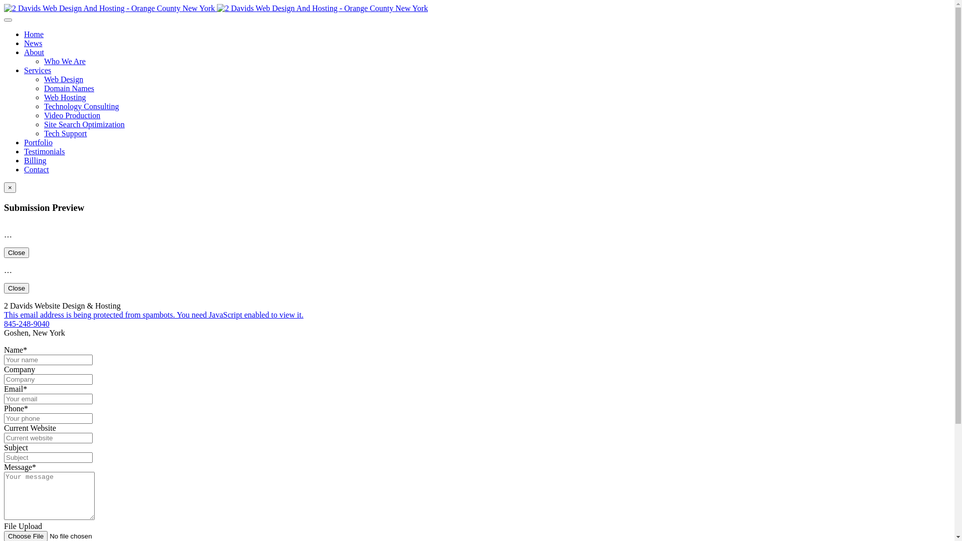  I want to click on 'Home', so click(34, 34).